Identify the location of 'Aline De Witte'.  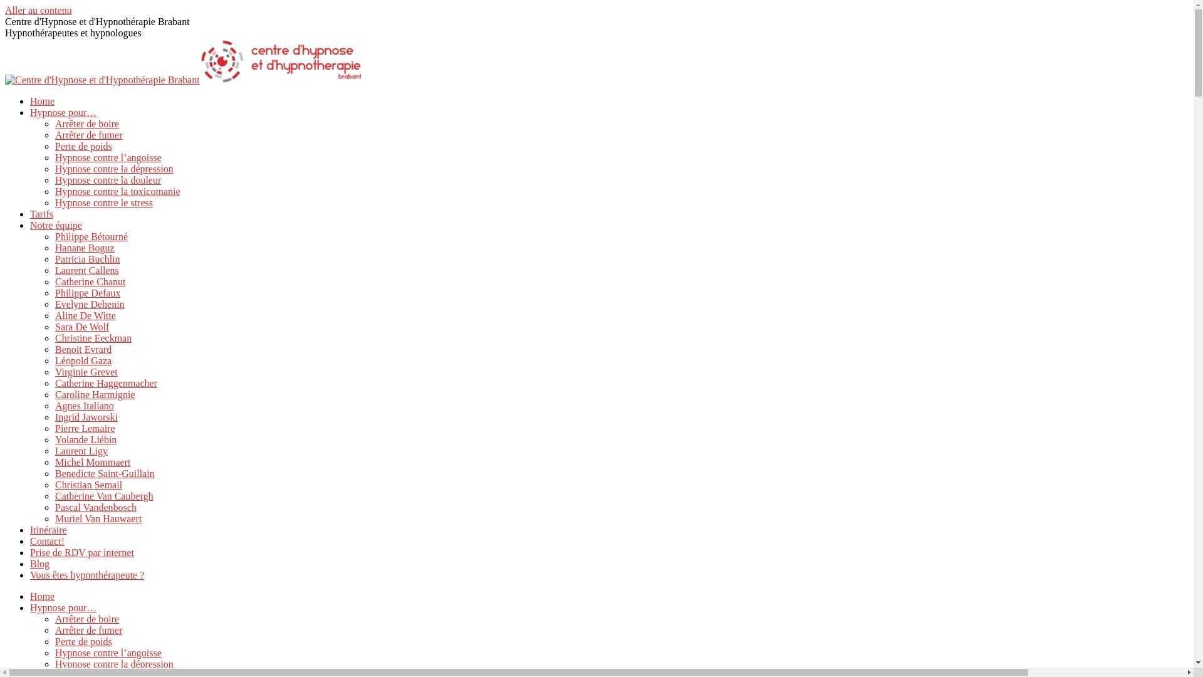
(85, 315).